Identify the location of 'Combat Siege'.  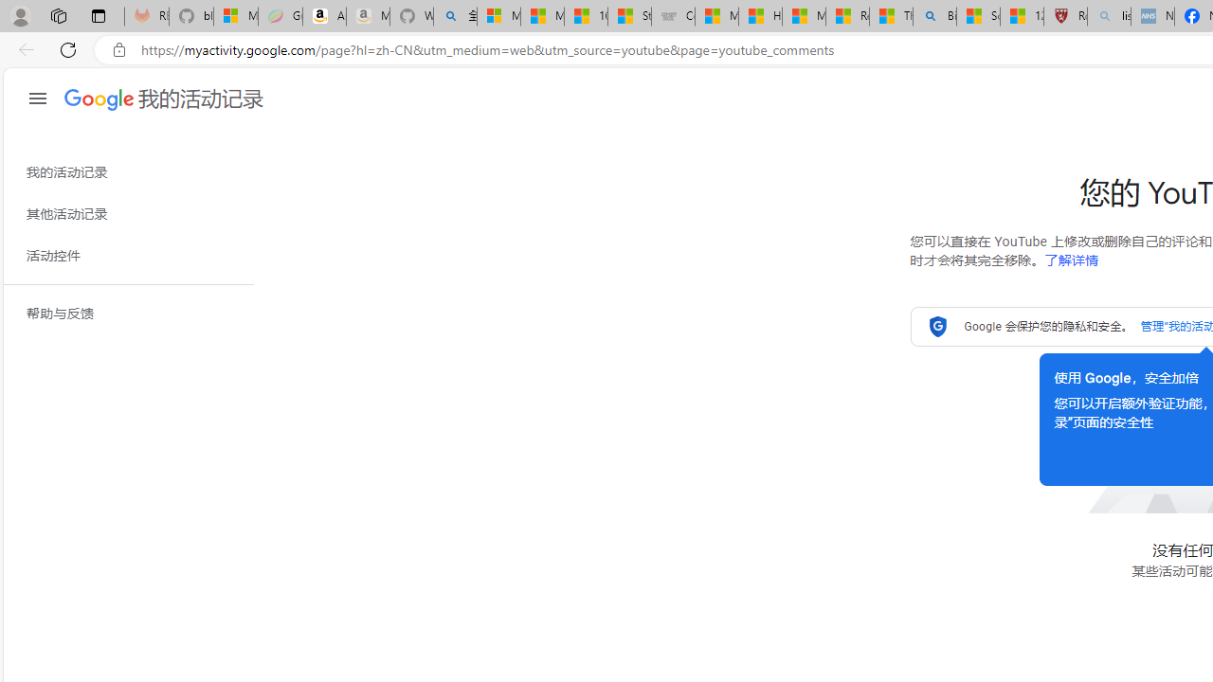
(673, 16).